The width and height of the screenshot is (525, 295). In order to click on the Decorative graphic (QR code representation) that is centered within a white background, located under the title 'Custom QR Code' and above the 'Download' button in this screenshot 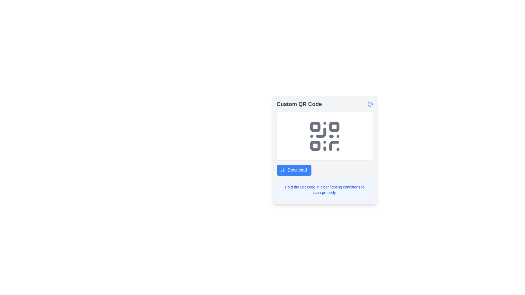, I will do `click(325, 136)`.